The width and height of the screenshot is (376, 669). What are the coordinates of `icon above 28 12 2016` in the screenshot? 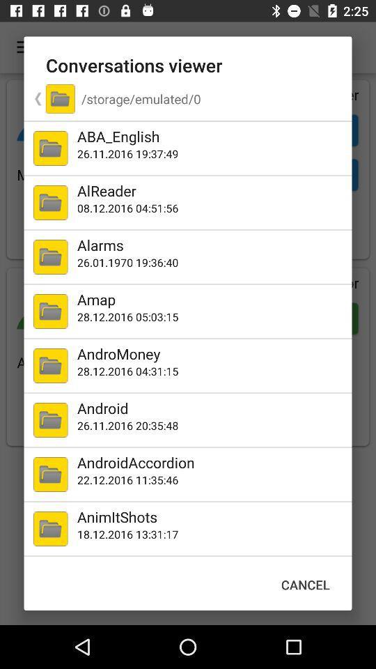 It's located at (211, 353).